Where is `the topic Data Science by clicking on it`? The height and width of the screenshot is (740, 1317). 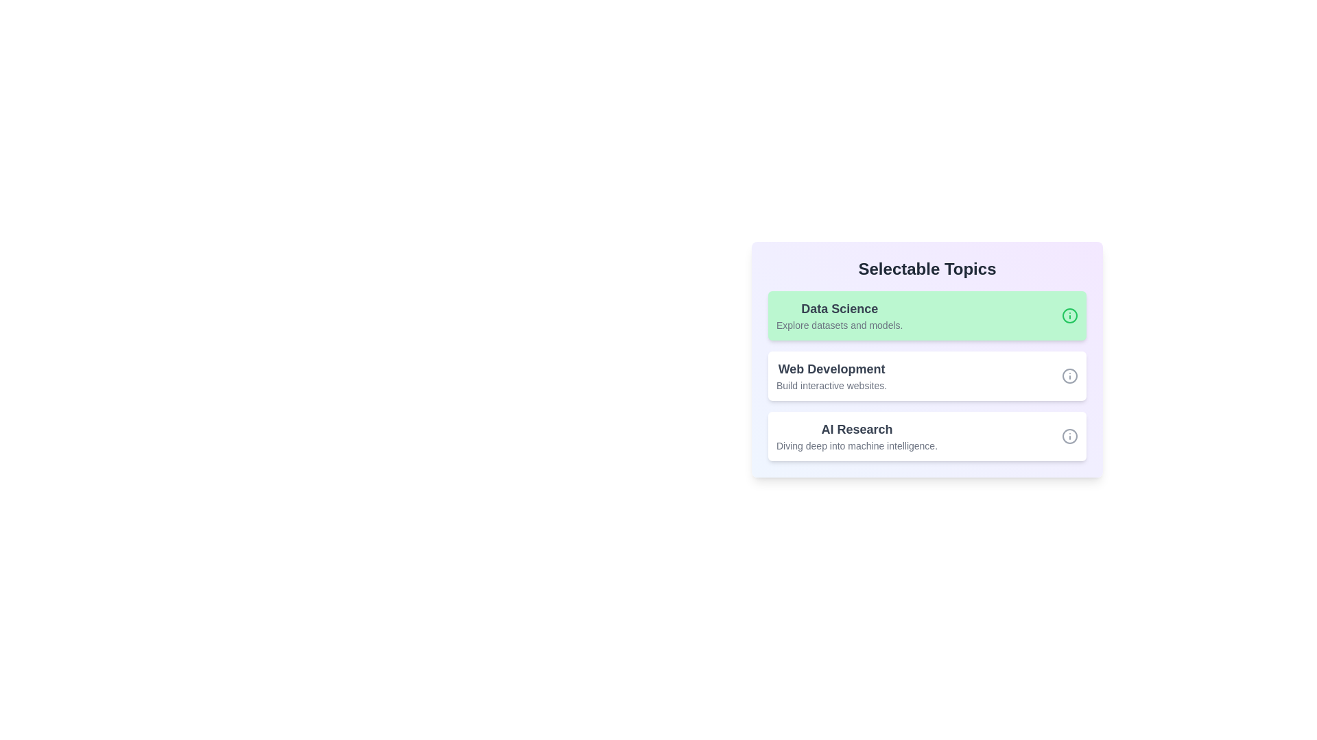
the topic Data Science by clicking on it is located at coordinates (927, 316).